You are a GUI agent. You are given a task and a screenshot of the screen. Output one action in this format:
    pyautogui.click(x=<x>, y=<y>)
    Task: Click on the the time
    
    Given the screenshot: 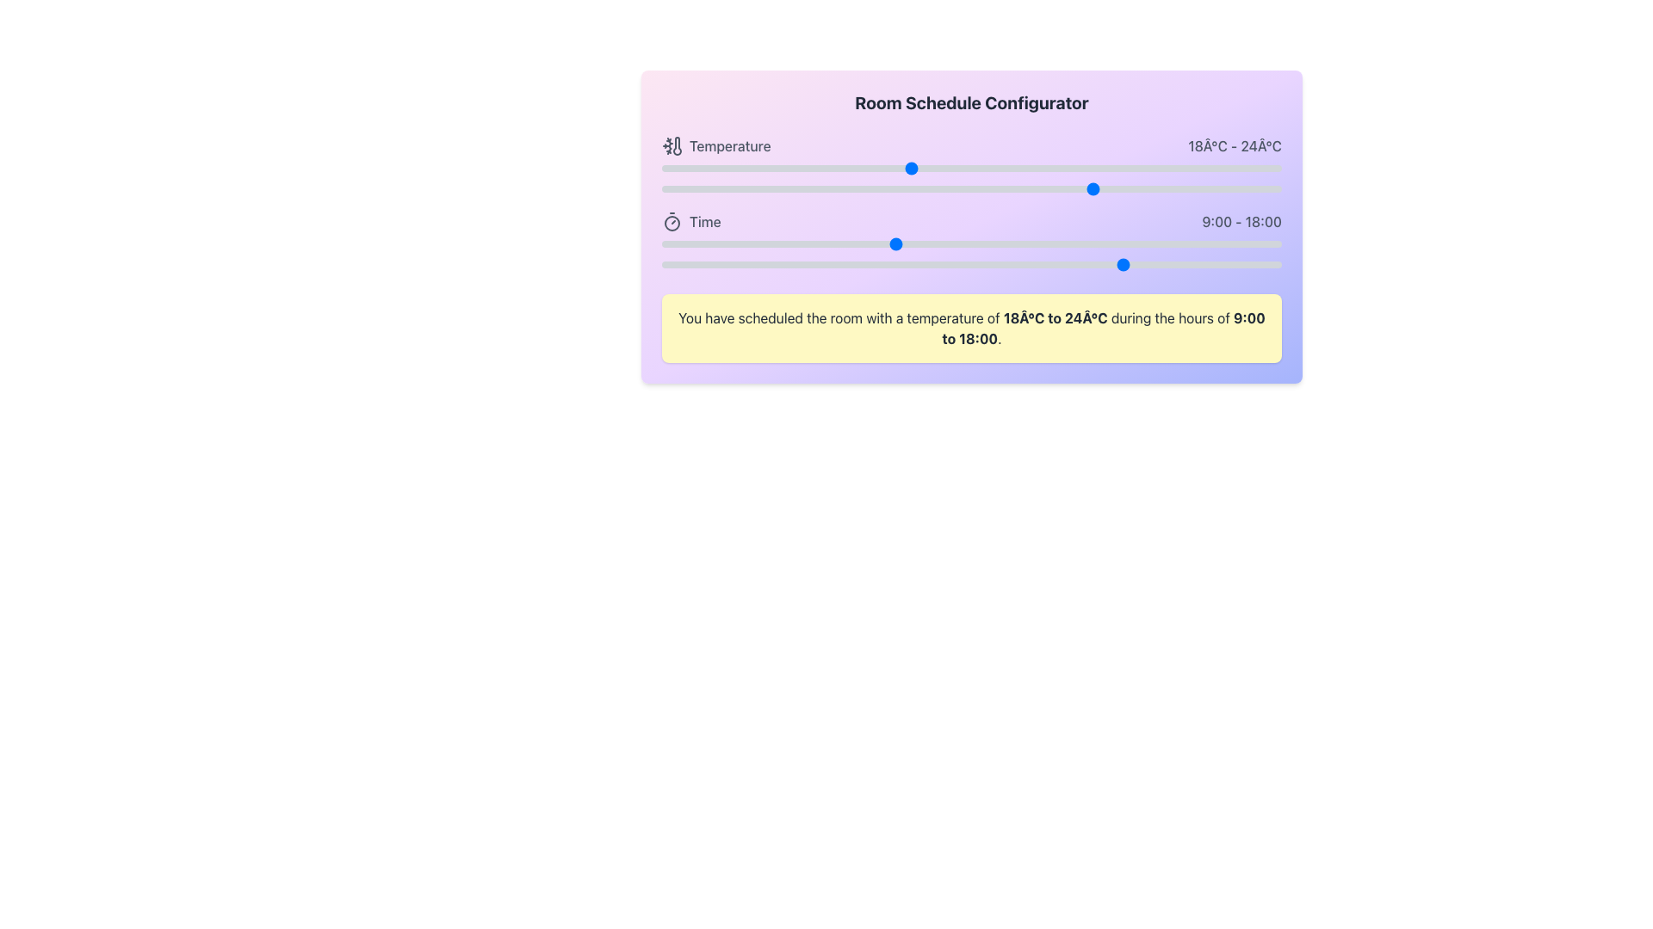 What is the action you would take?
    pyautogui.click(x=894, y=265)
    